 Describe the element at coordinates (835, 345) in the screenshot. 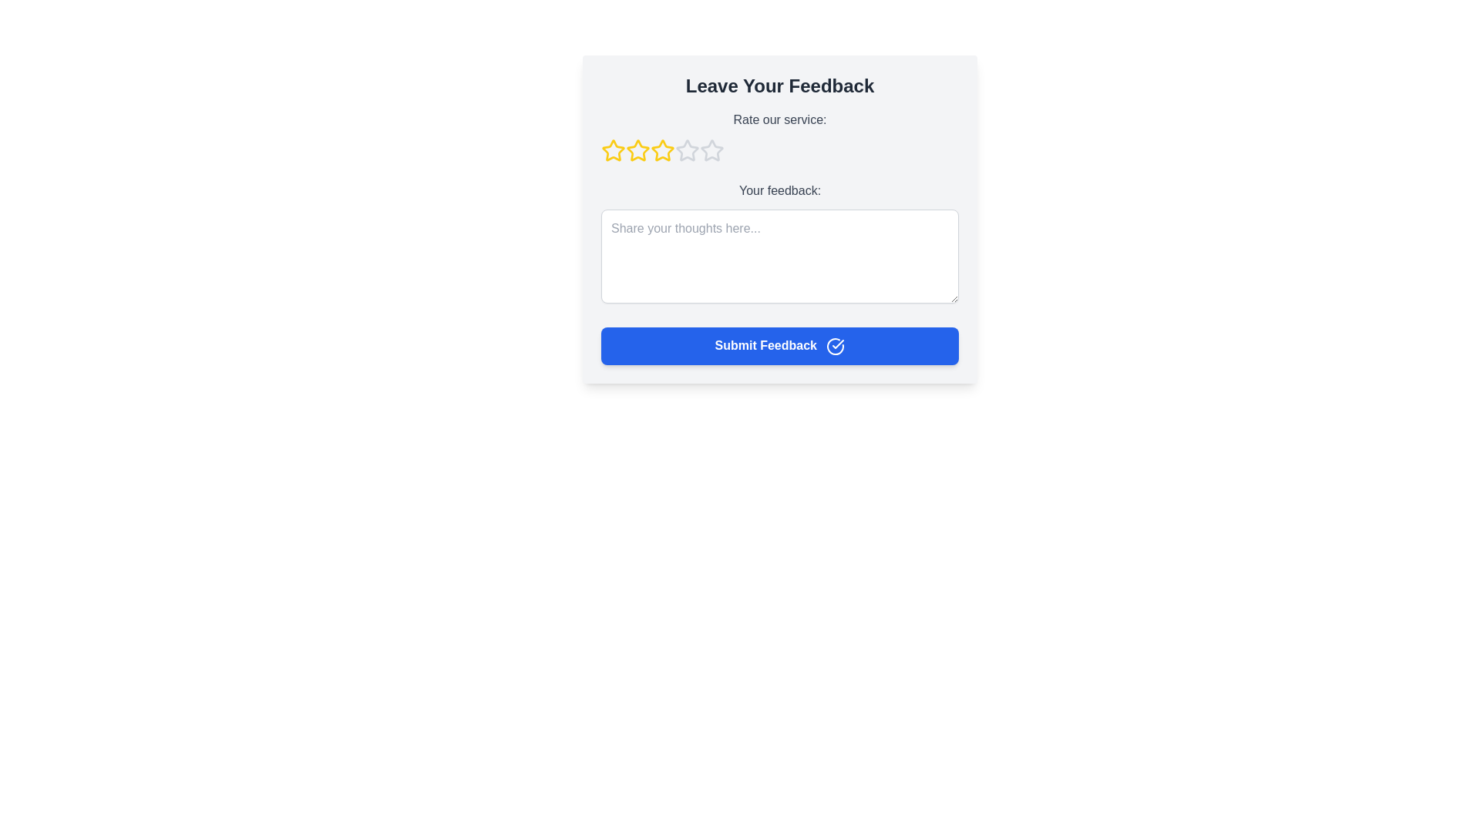

I see `the circular icon with a checkmark, which is displayed in white on a blue background, located to the right of the 'Submit Feedback' button` at that location.